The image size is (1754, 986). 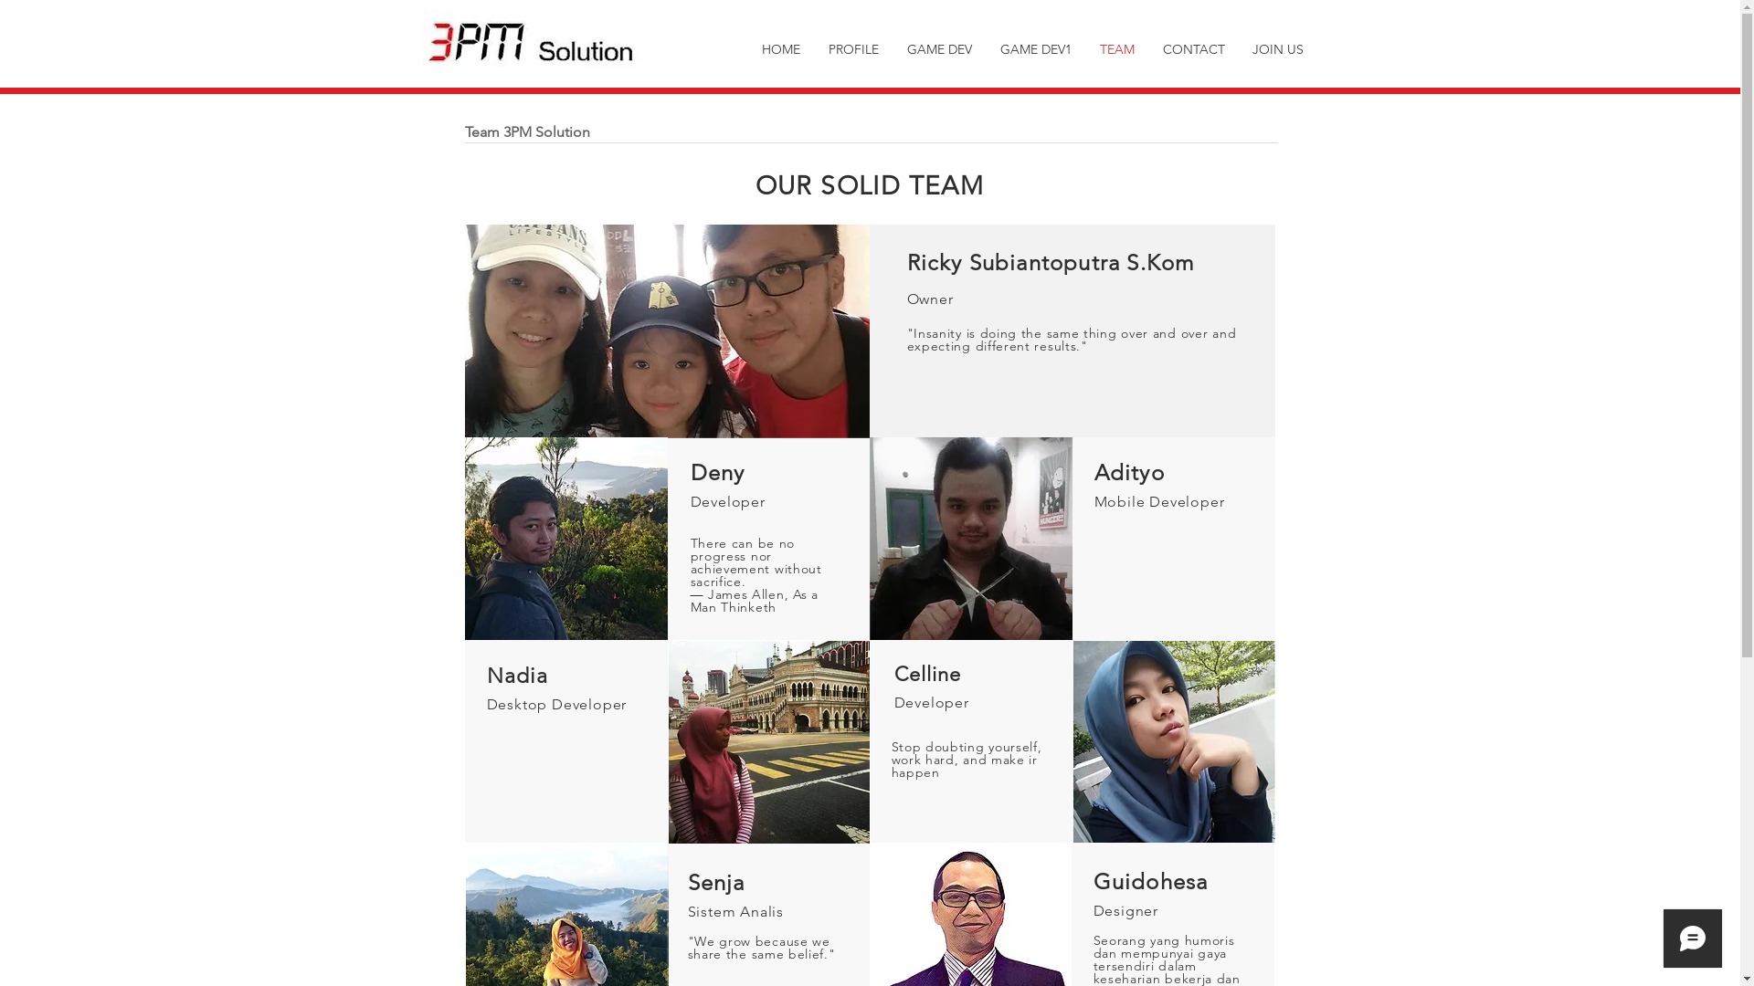 What do you see at coordinates (939, 48) in the screenshot?
I see `'GAME DEV'` at bounding box center [939, 48].